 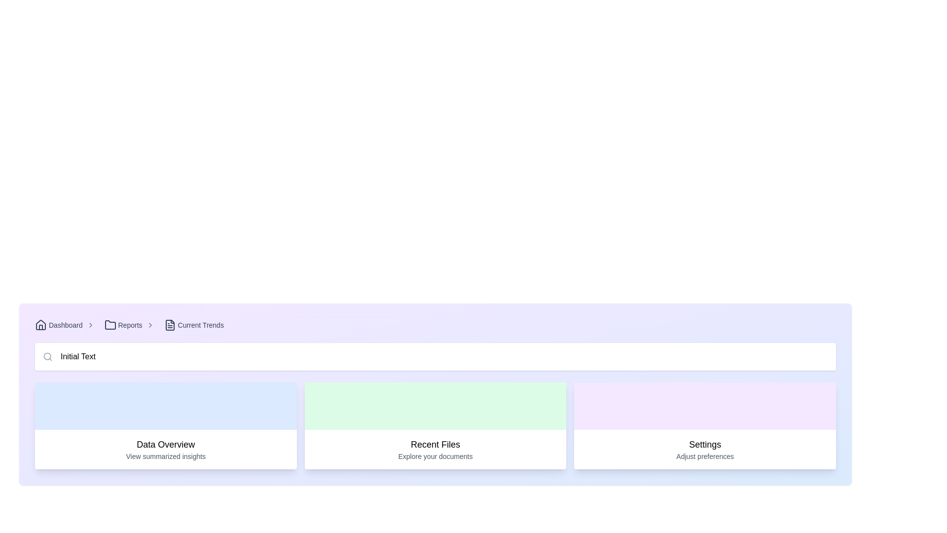 What do you see at coordinates (200, 325) in the screenshot?
I see `the breadcrumb navigation text label that is the third component in the sequence, located between 'Reports' and the search bar` at bounding box center [200, 325].